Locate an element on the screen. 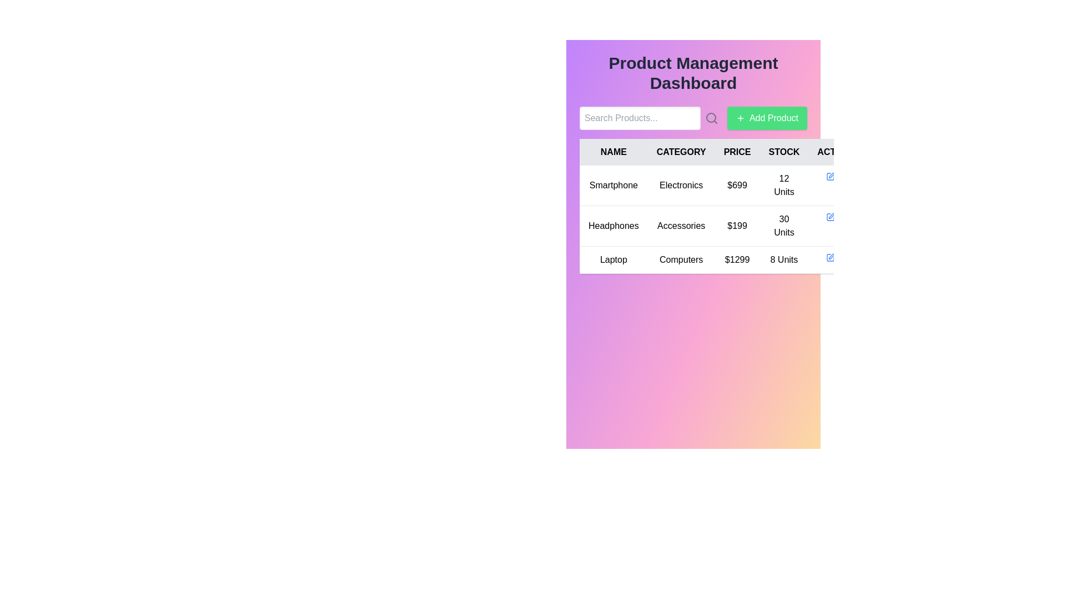  the interactive icon in the first row under the 'ACTION' column of the table is located at coordinates (831, 176).